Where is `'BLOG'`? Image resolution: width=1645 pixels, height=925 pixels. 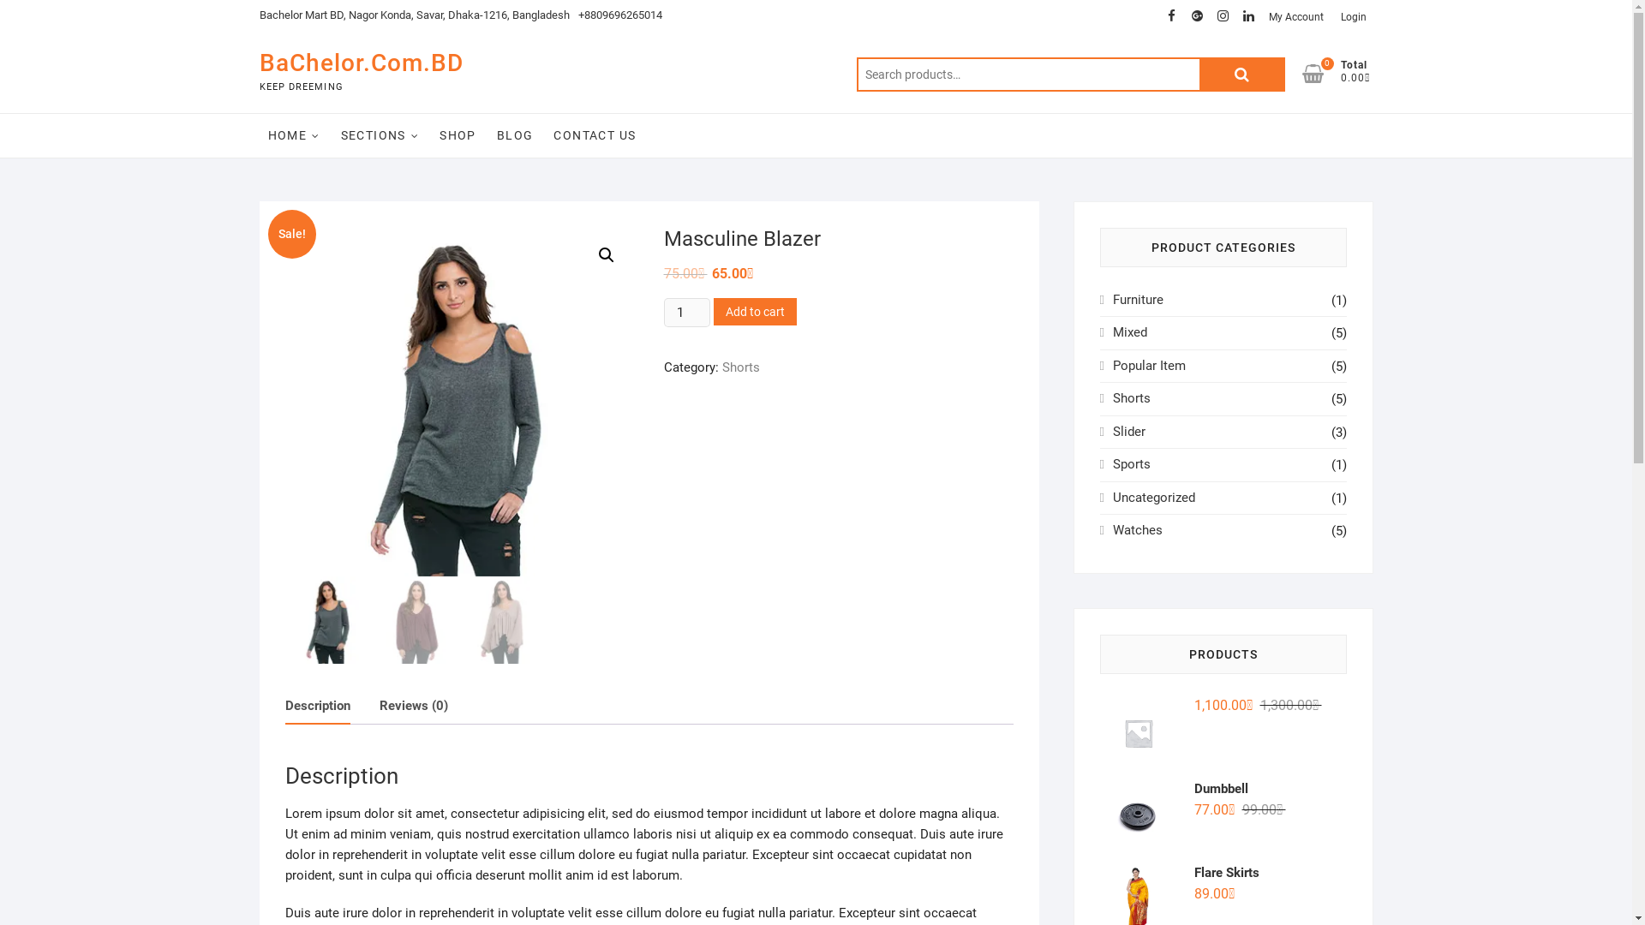 'BLOG' is located at coordinates (488, 134).